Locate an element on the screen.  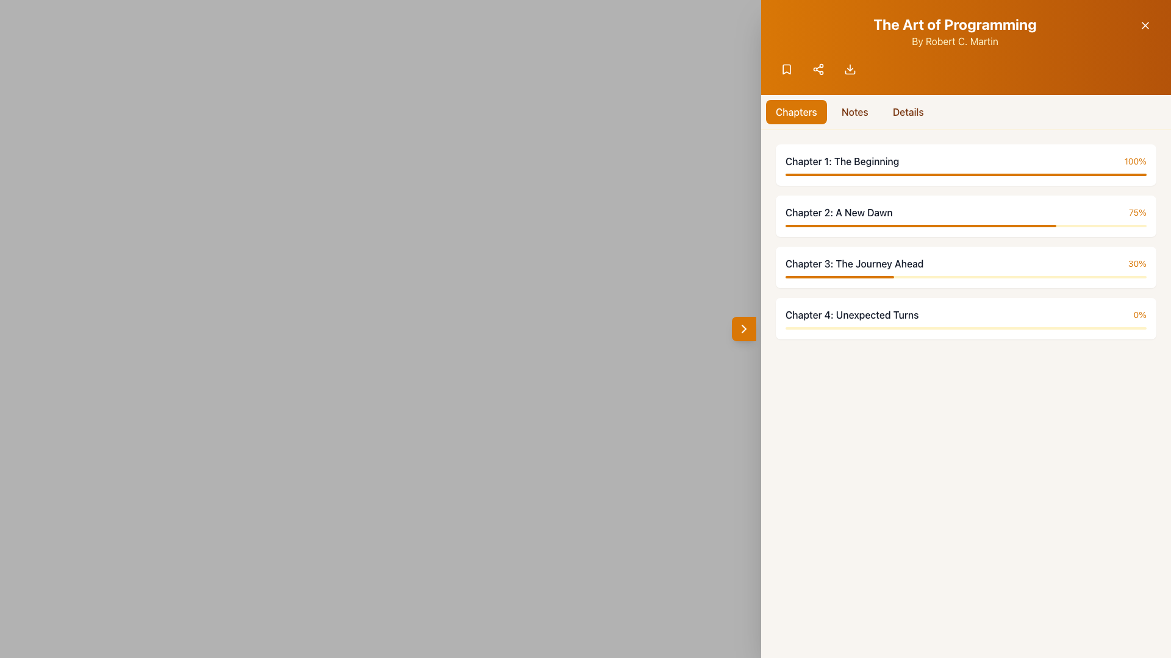
the download button located in the top-right corner of the orange header section, to the right of the share button, to initiate the download is located at coordinates (849, 69).